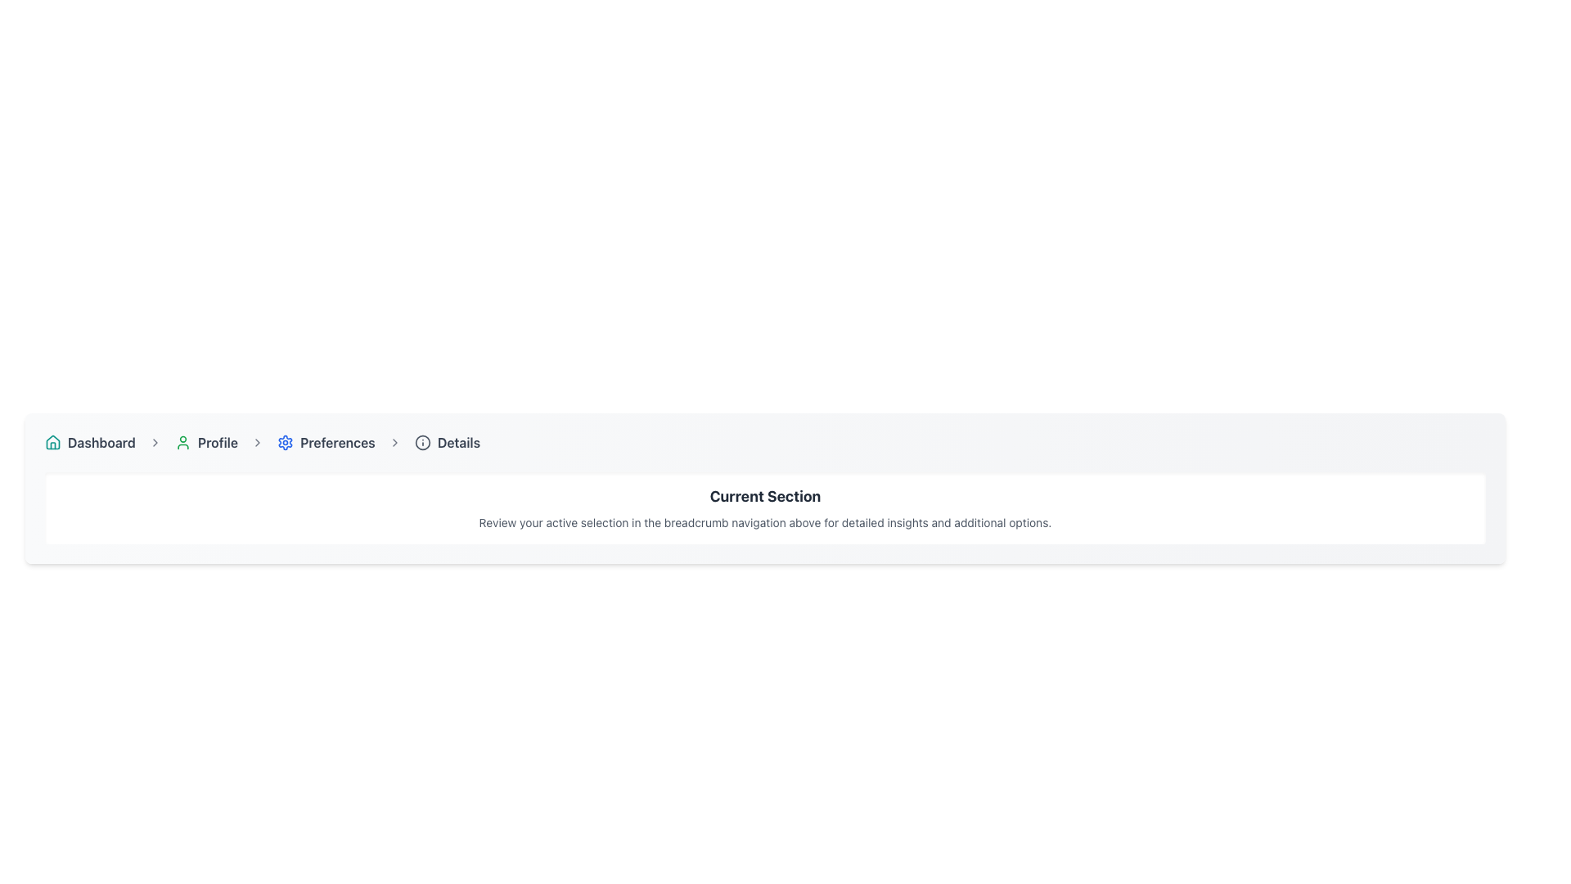  Describe the element at coordinates (286, 442) in the screenshot. I see `the blue gear-like icon in the breadcrumb navigation bar, located immediately before the text 'Preferences'` at that location.